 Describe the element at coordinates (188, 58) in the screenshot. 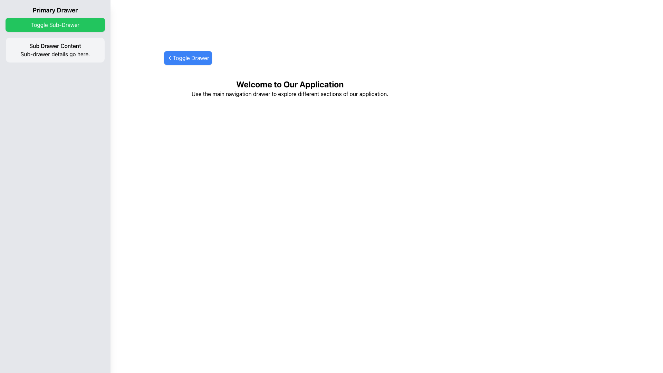

I see `the blue 'Toggle Drawer' button with white text and a leftward arrow icon` at that location.